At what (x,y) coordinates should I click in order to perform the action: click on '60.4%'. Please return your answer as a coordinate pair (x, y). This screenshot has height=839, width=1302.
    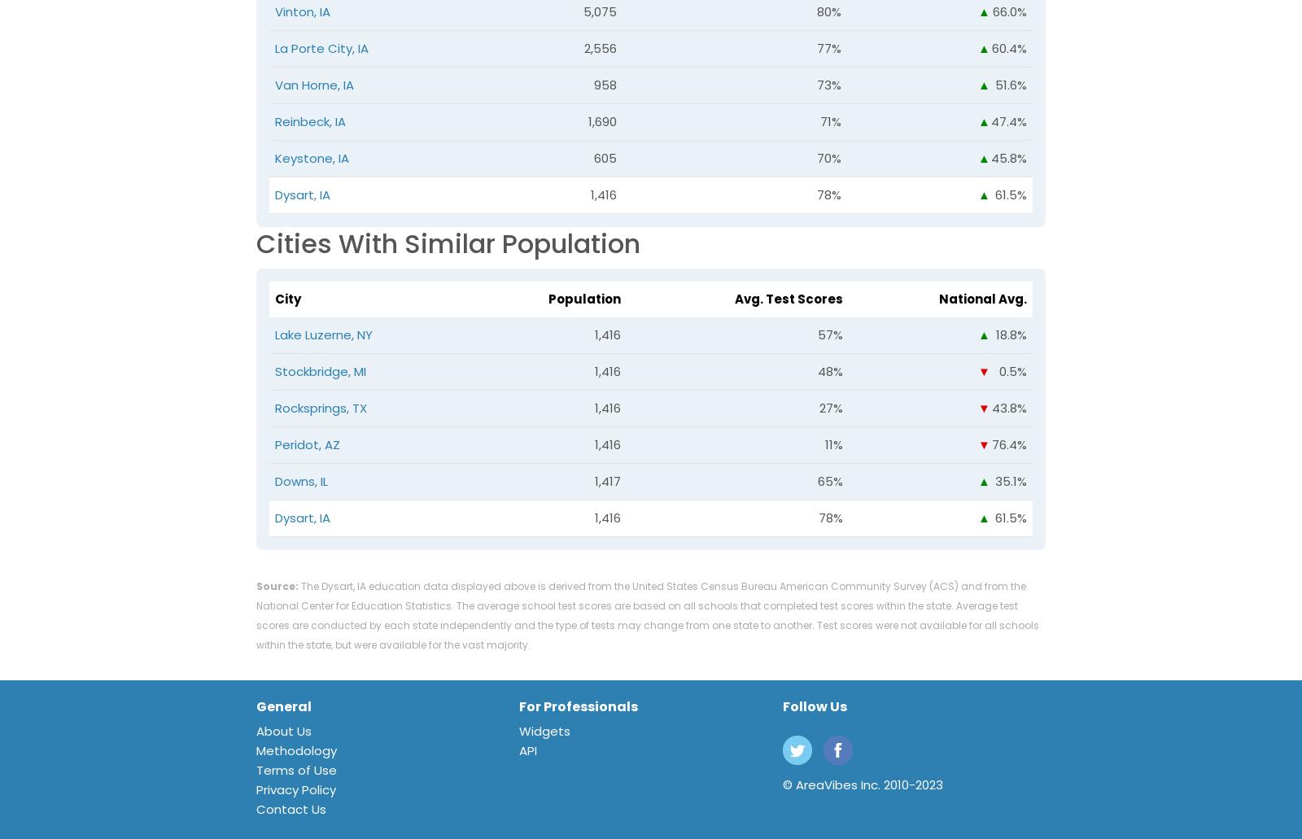
    Looking at the image, I should click on (1008, 47).